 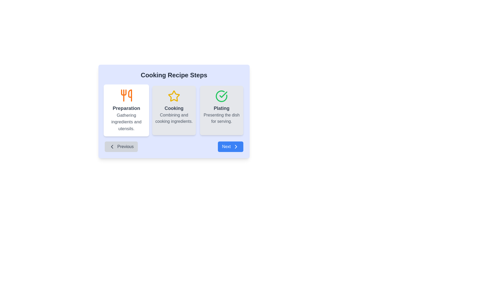 I want to click on the 'Next' button which contains a right-oriented chevron icon, located at the bottom-right corner of the interface, so click(x=235, y=147).